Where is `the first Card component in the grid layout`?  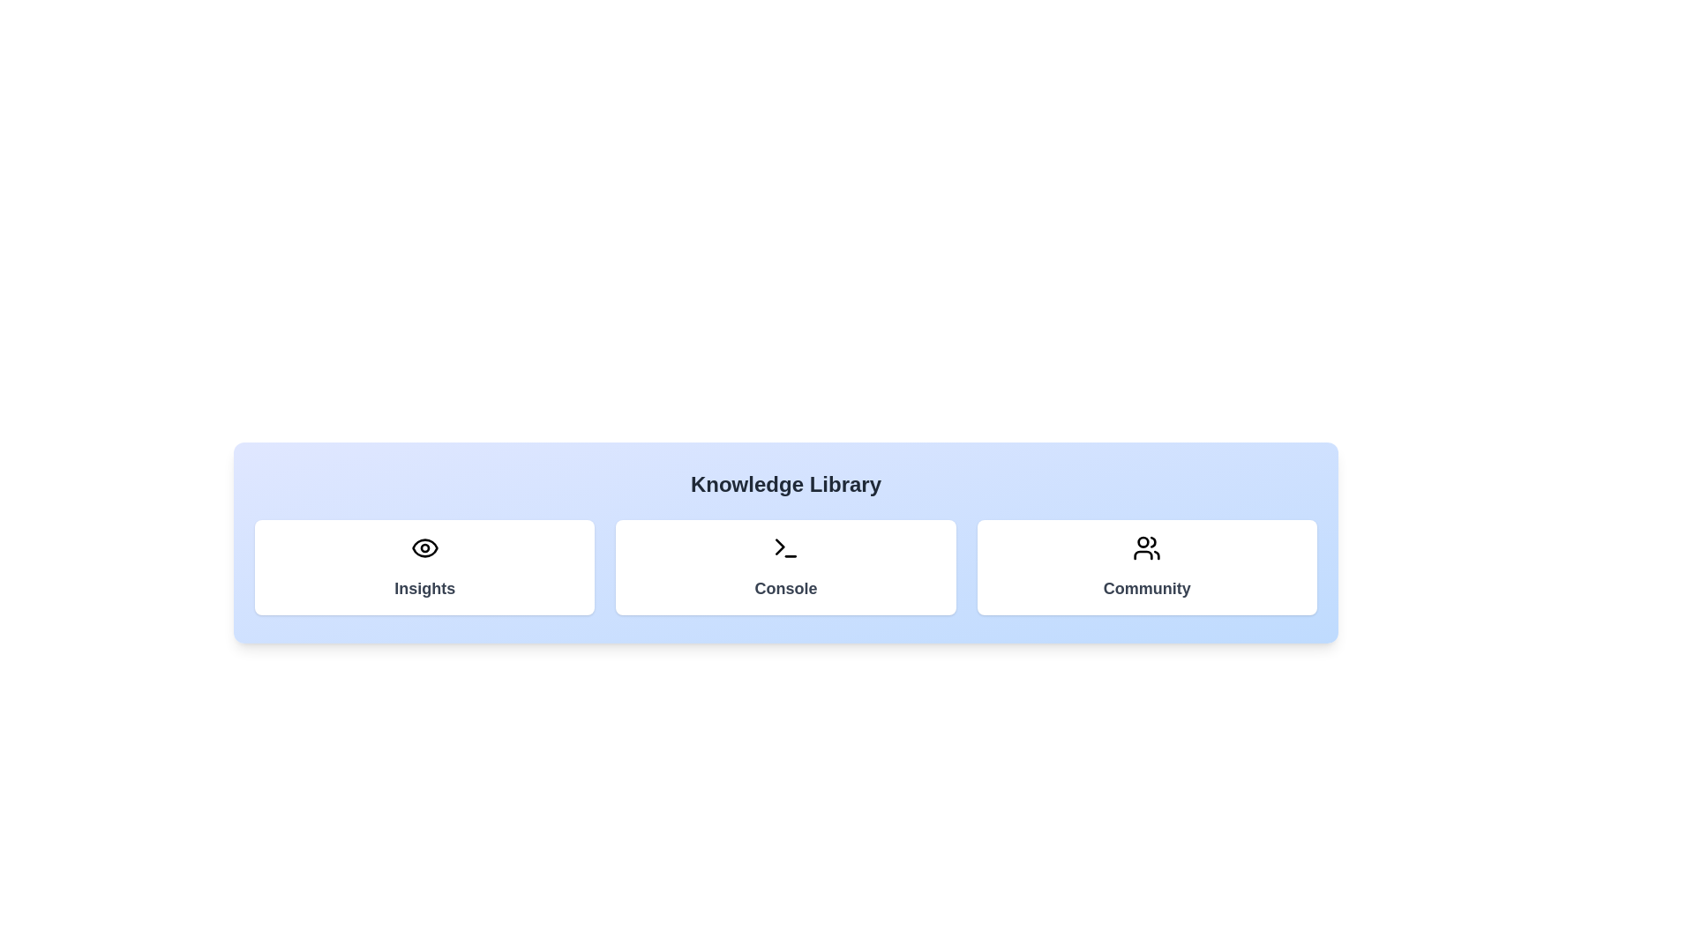 the first Card component in the grid layout is located at coordinates (424, 568).